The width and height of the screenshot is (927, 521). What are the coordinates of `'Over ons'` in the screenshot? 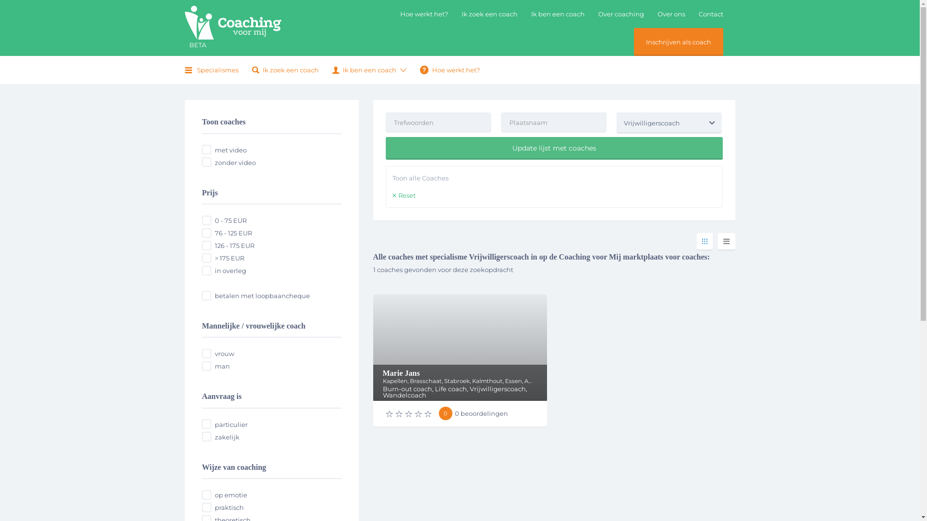 It's located at (671, 14).